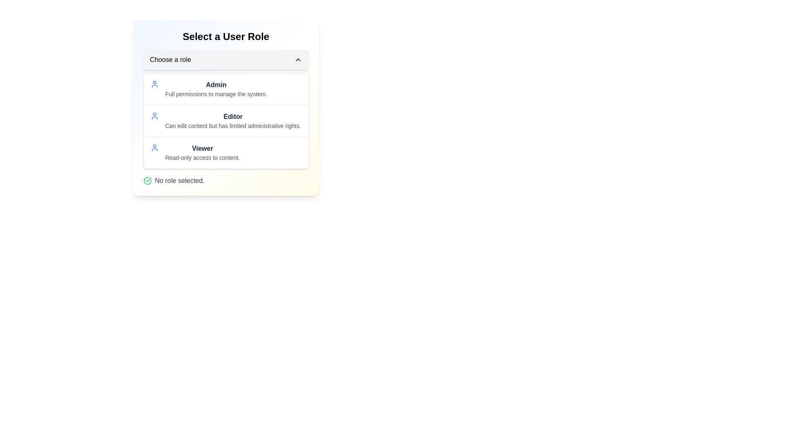 The width and height of the screenshot is (794, 446). Describe the element at coordinates (154, 116) in the screenshot. I see `the user profile icon, which is a blue circular icon positioned to the left of the 'Editor' role description` at that location.